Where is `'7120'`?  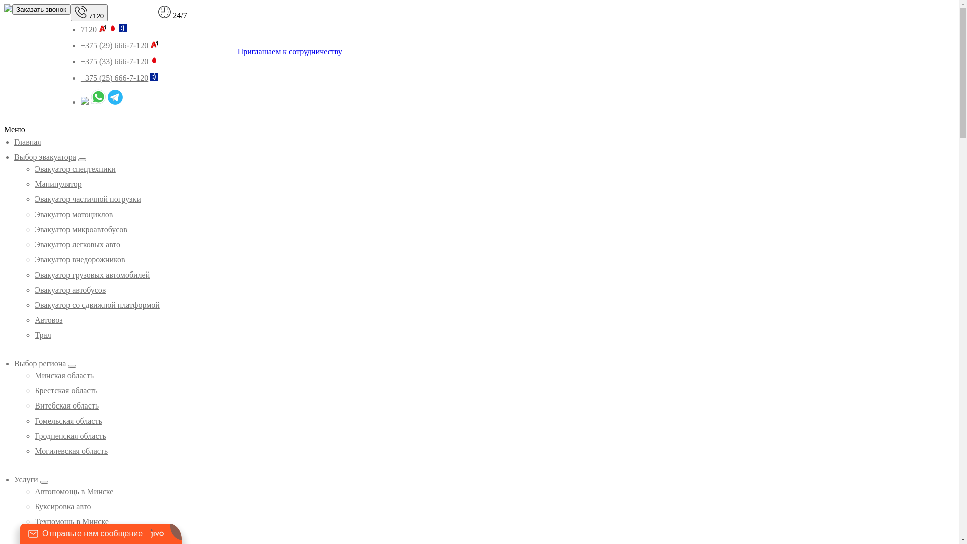
'7120' is located at coordinates (70, 12).